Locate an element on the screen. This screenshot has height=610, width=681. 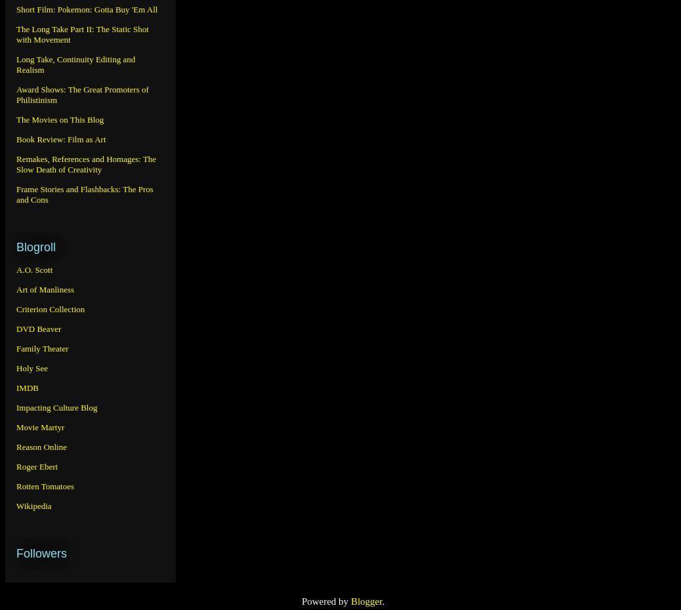
'Art of Manliness' is located at coordinates (16, 289).